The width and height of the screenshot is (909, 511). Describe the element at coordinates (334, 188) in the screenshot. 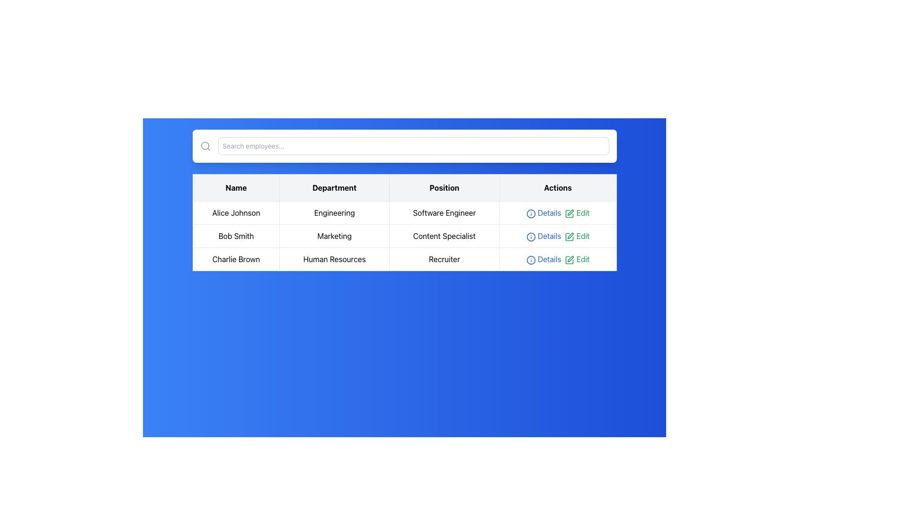

I see `the table header cell labeled 'Department', which is the second cell in the header row of a table with a light gray background` at that location.